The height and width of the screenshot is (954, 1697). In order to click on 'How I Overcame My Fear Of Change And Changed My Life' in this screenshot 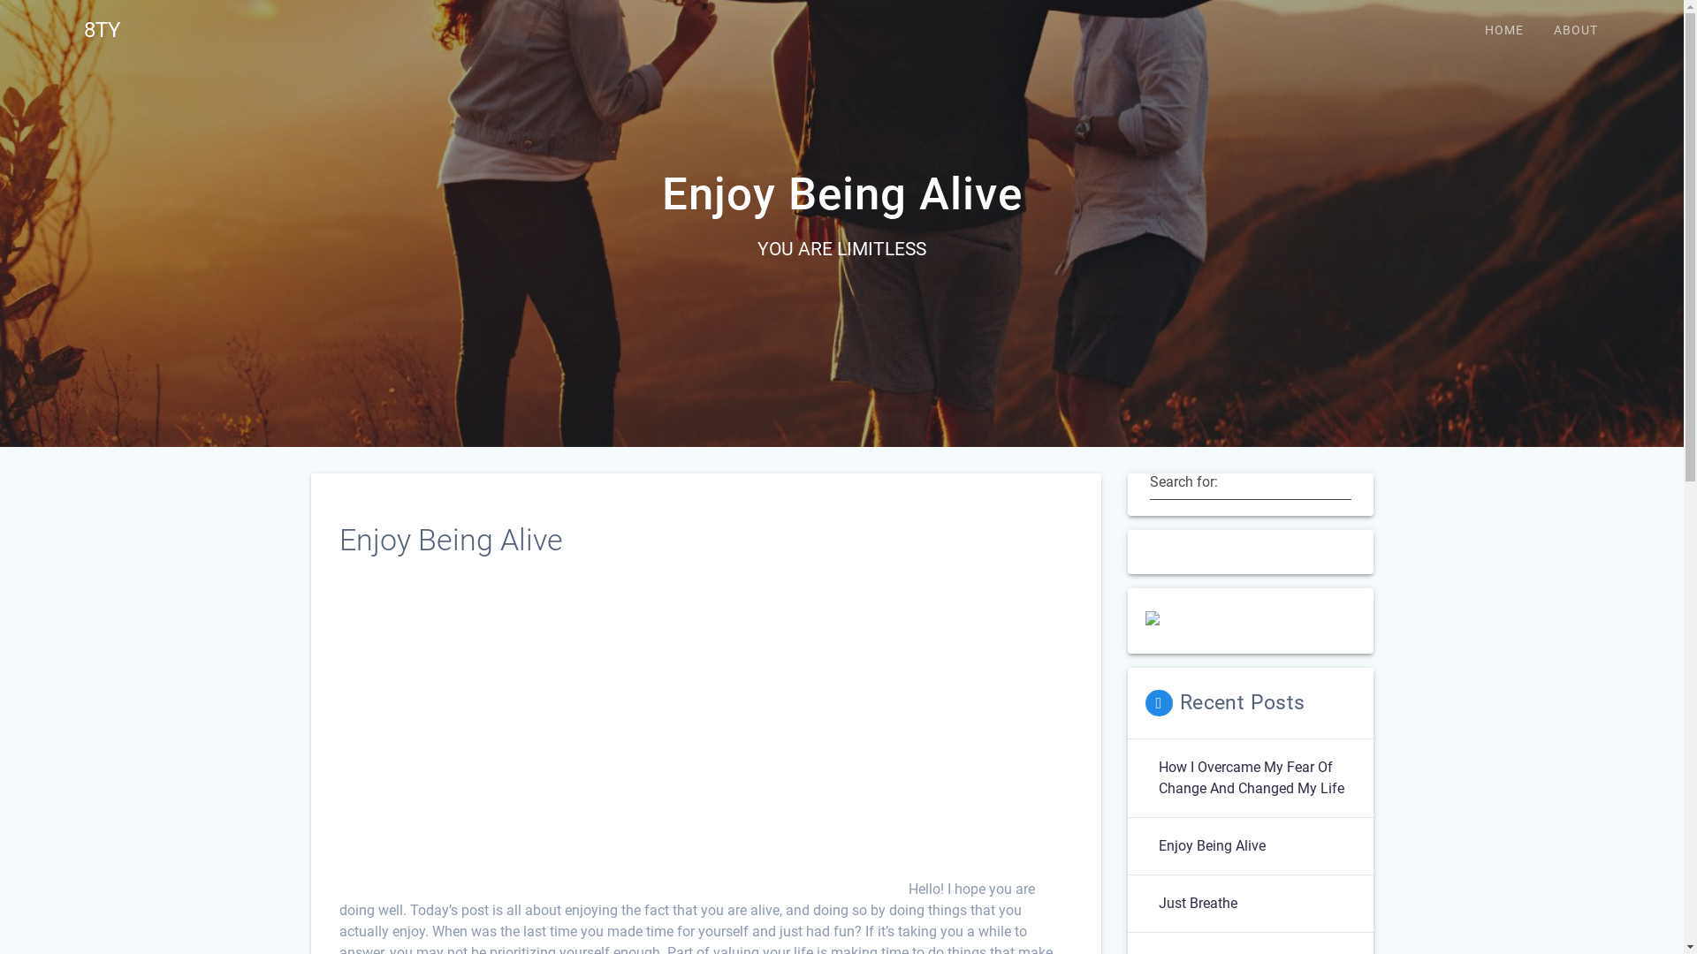, I will do `click(1255, 776)`.